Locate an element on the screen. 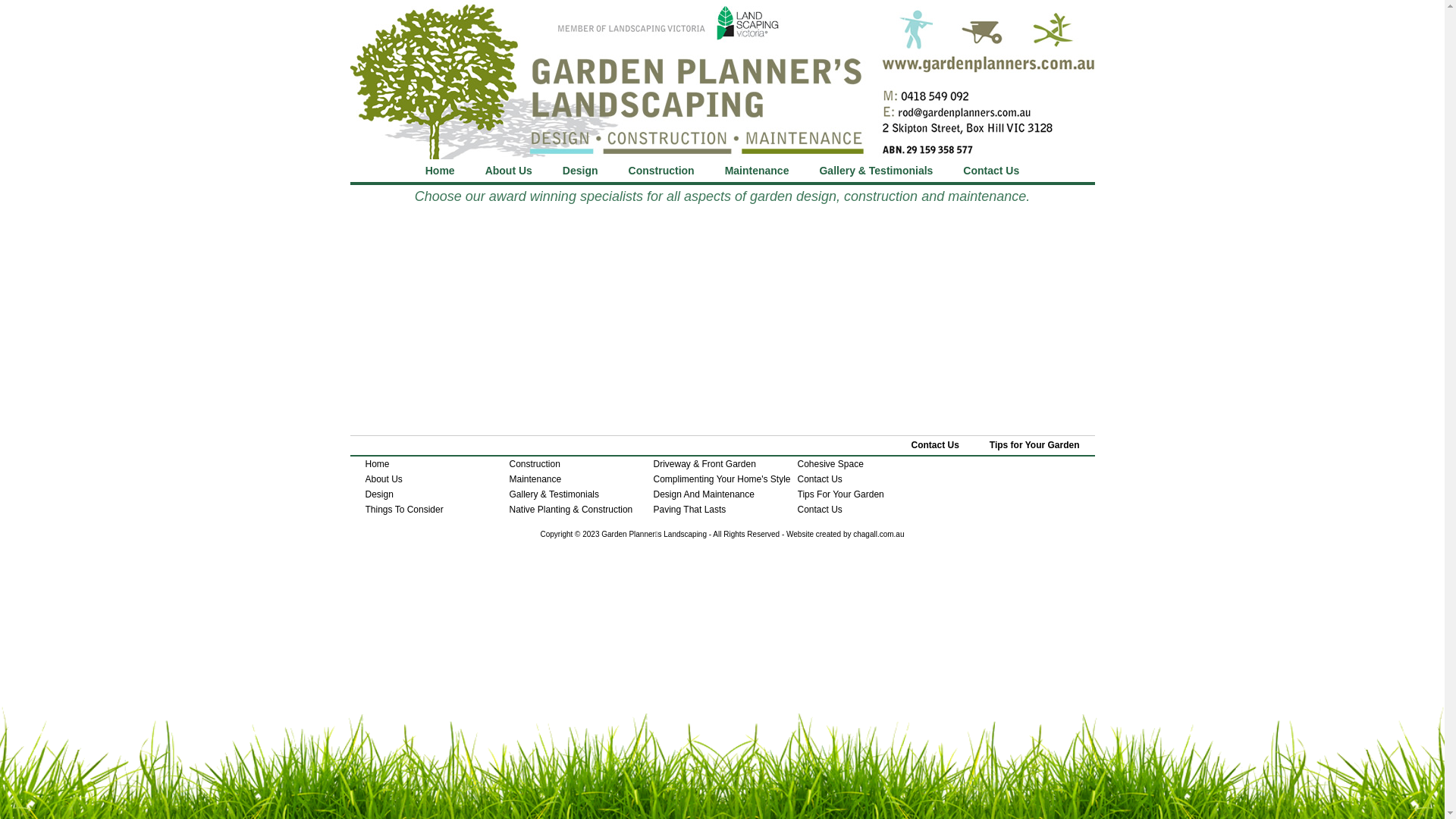  'About Us' is located at coordinates (384, 479).